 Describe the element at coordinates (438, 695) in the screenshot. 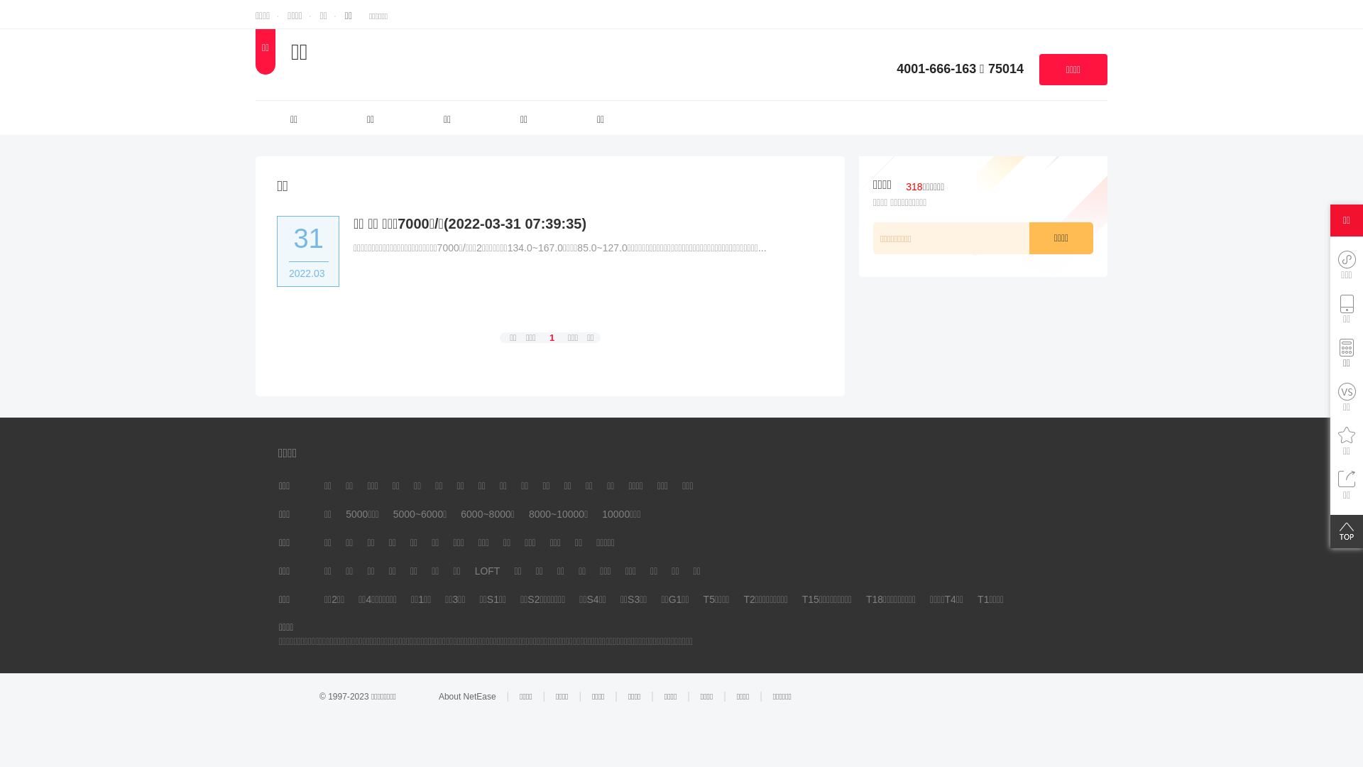

I see `'About NetEase'` at that location.